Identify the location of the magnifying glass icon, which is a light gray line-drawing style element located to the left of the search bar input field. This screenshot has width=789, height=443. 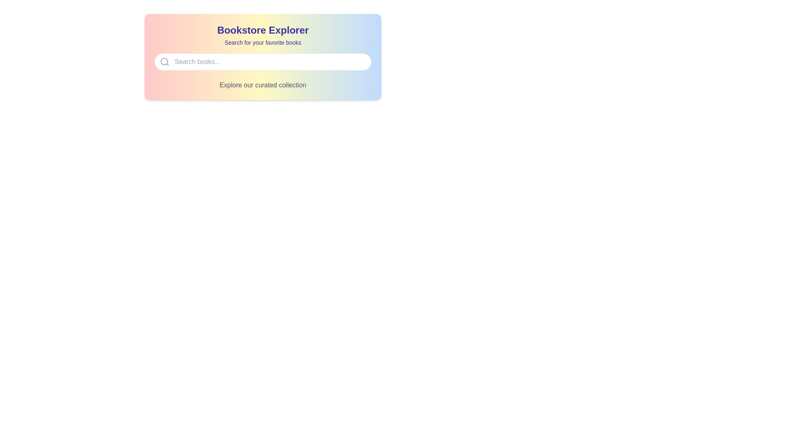
(164, 61).